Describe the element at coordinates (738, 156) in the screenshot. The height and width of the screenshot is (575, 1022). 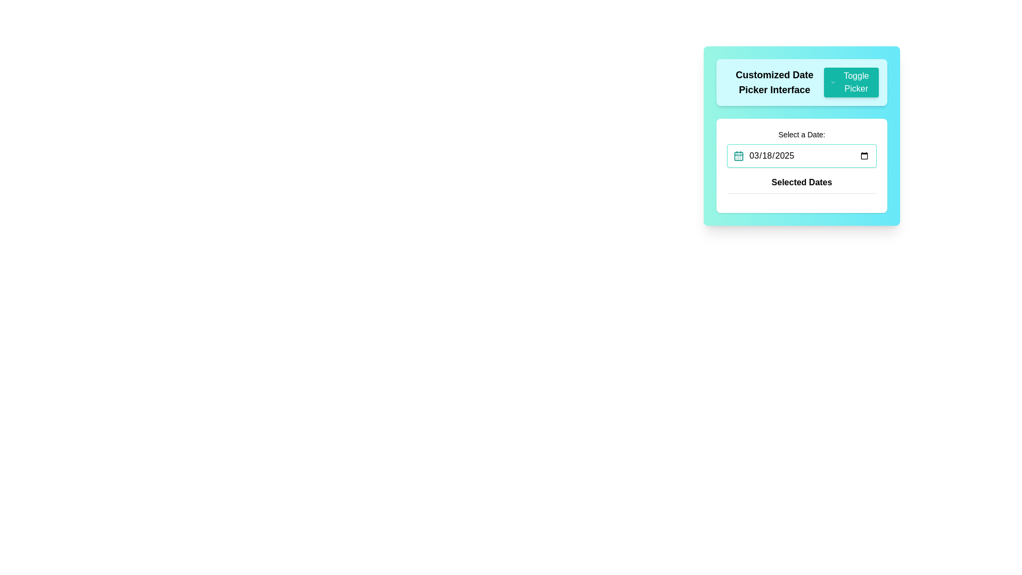
I see `the date picker icon located to the left inside the input field of the date picker component below the title 'Select a Date:'` at that location.